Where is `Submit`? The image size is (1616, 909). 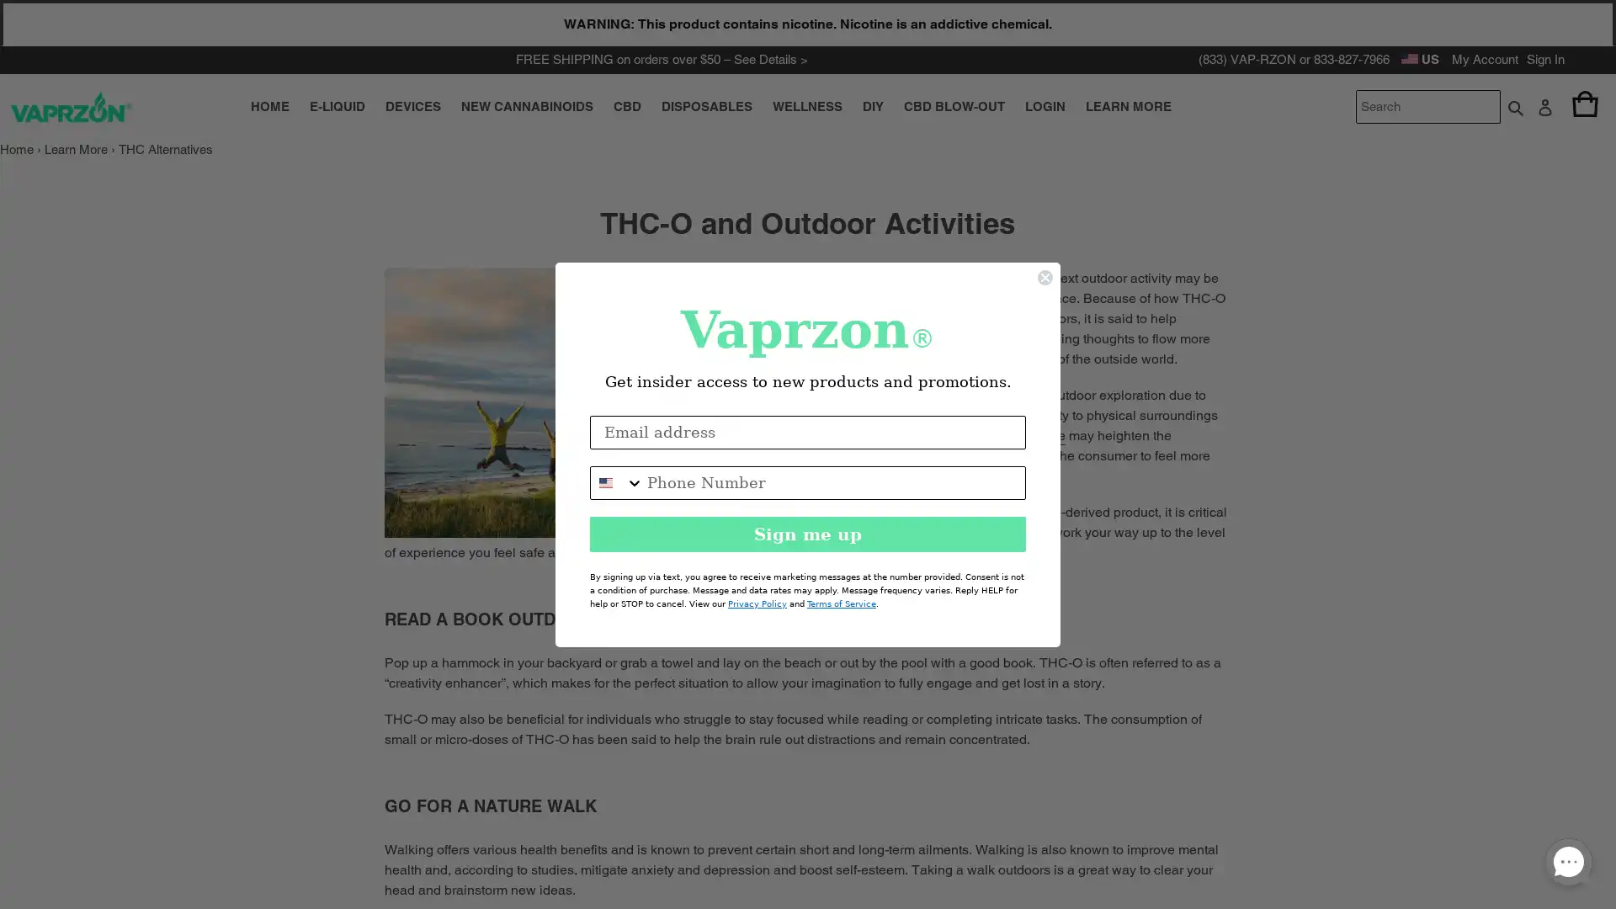 Submit is located at coordinates (1515, 106).